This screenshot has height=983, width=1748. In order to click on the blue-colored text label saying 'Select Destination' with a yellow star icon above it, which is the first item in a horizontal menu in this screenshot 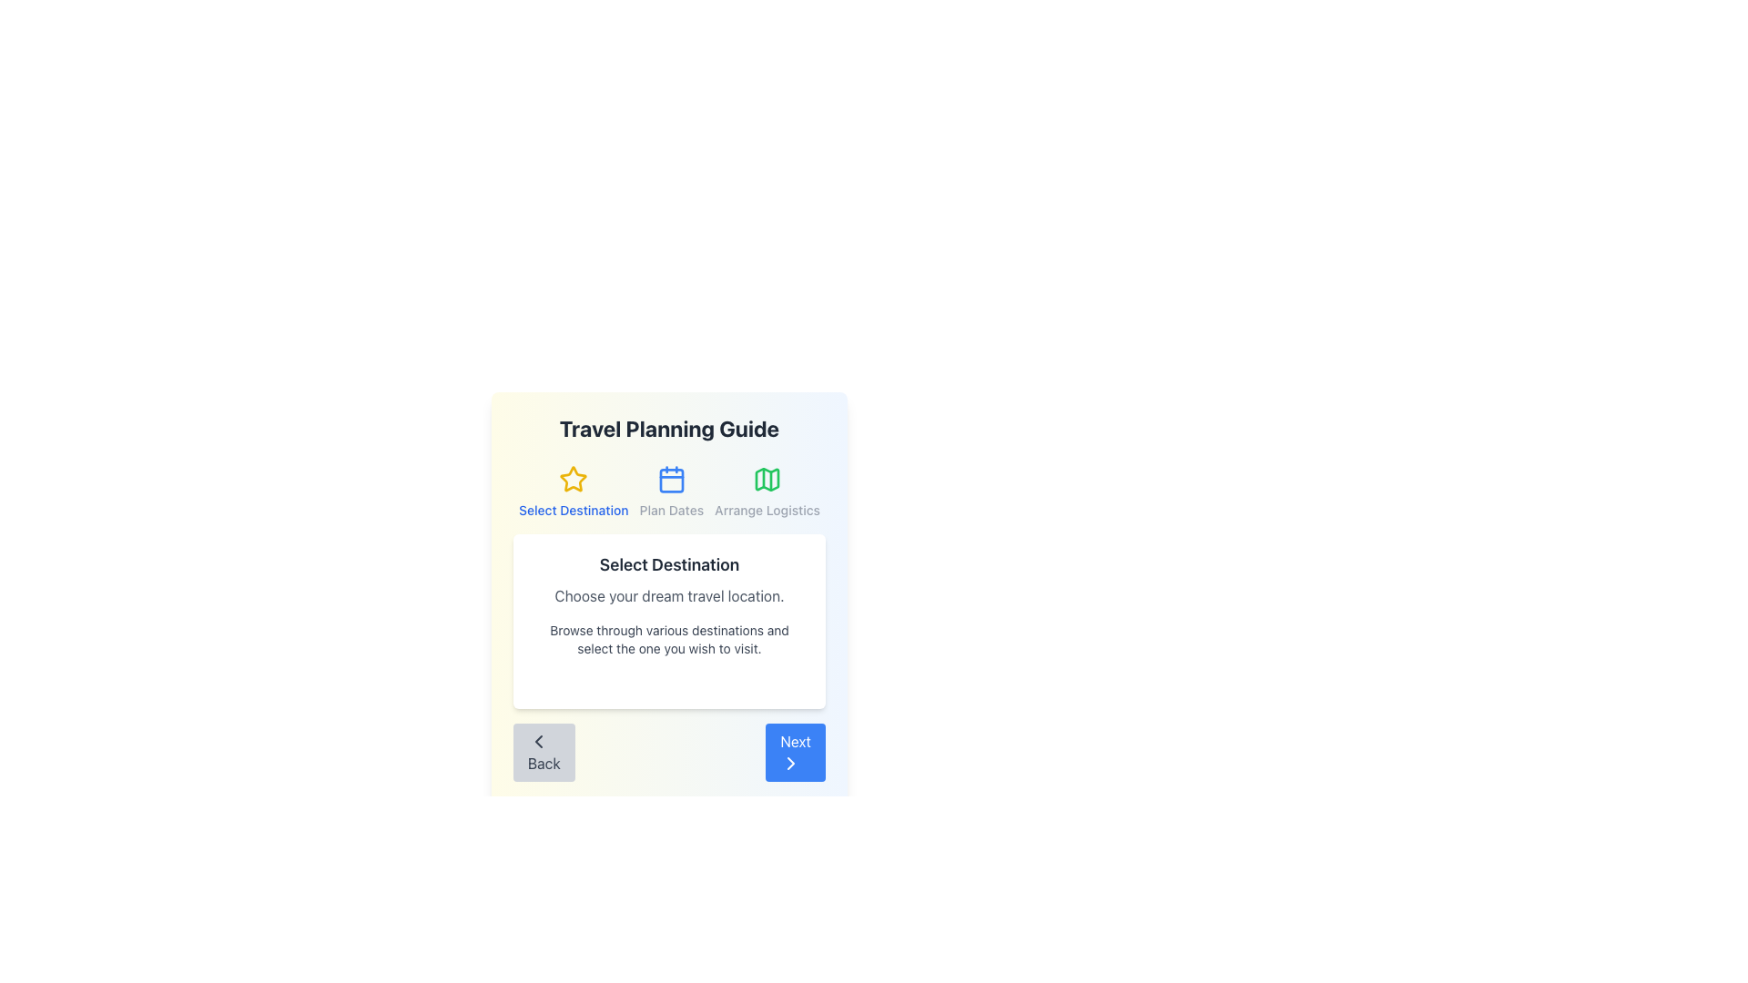, I will do `click(573, 491)`.